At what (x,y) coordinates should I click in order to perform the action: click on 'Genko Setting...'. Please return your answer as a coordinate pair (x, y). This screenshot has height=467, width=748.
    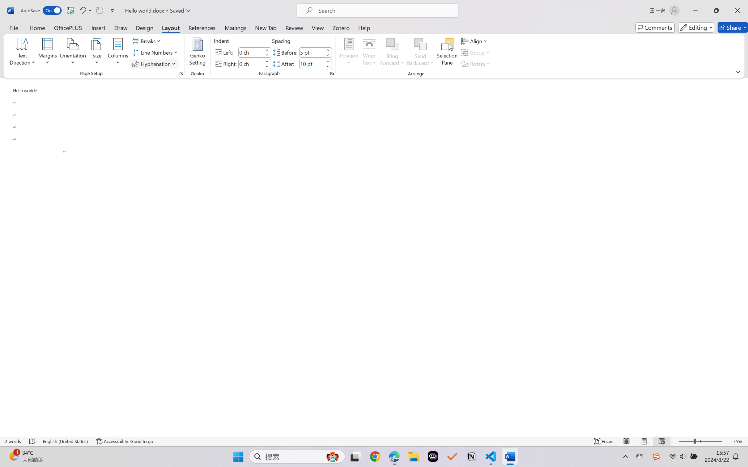
    Looking at the image, I should click on (198, 53).